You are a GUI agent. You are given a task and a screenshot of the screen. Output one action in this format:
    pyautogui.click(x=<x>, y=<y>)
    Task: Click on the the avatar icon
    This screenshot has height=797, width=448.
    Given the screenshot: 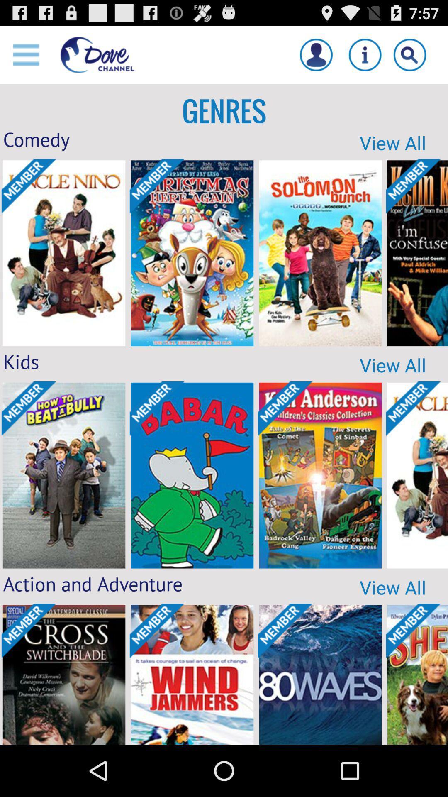 What is the action you would take?
    pyautogui.click(x=316, y=58)
    